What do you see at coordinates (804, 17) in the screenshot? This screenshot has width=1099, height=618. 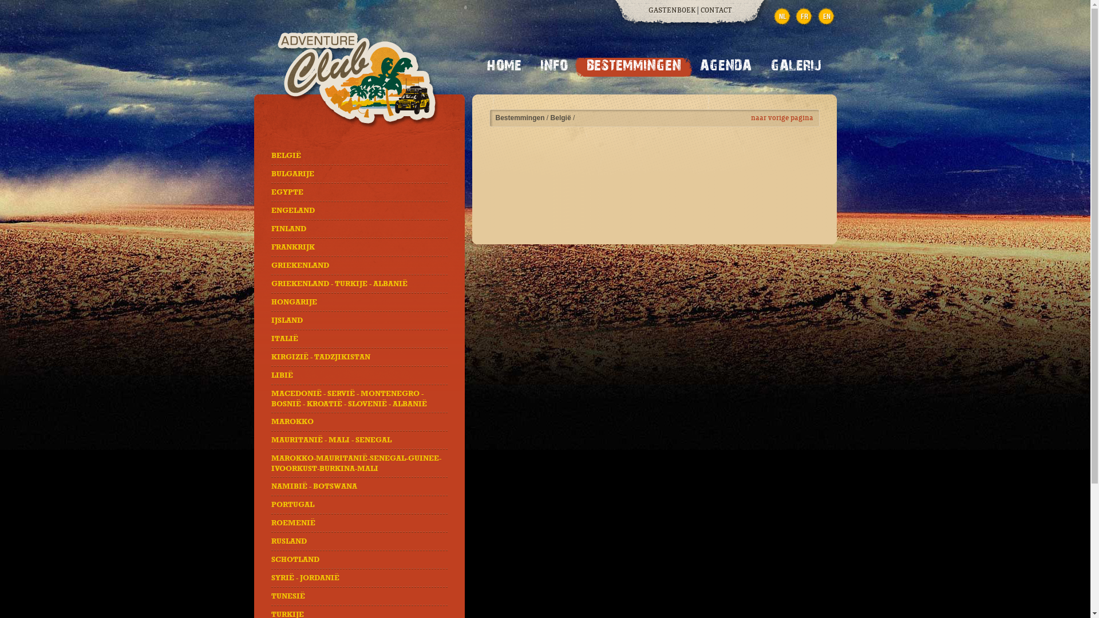 I see `'FR'` at bounding box center [804, 17].